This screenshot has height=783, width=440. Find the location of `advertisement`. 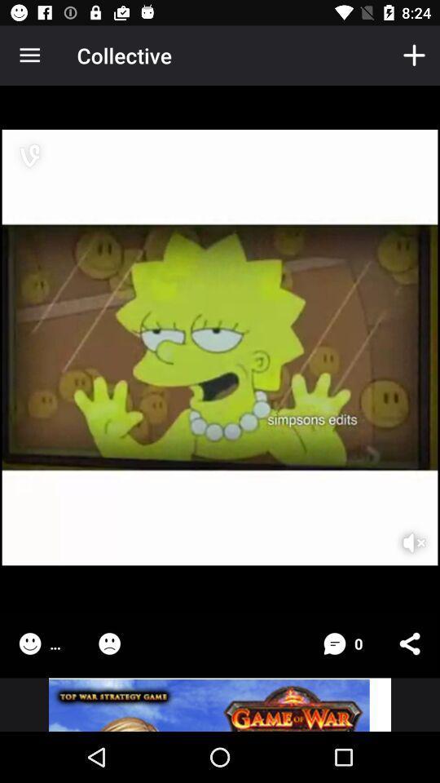

advertisement is located at coordinates (220, 704).